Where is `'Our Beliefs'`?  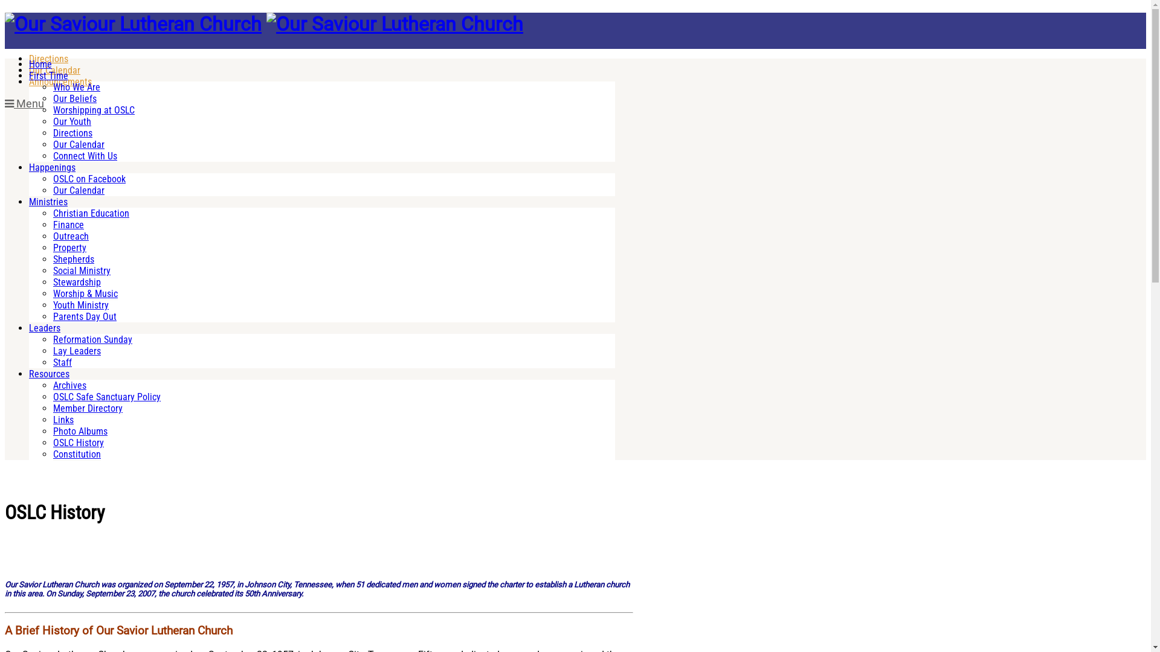 'Our Beliefs' is located at coordinates (74, 98).